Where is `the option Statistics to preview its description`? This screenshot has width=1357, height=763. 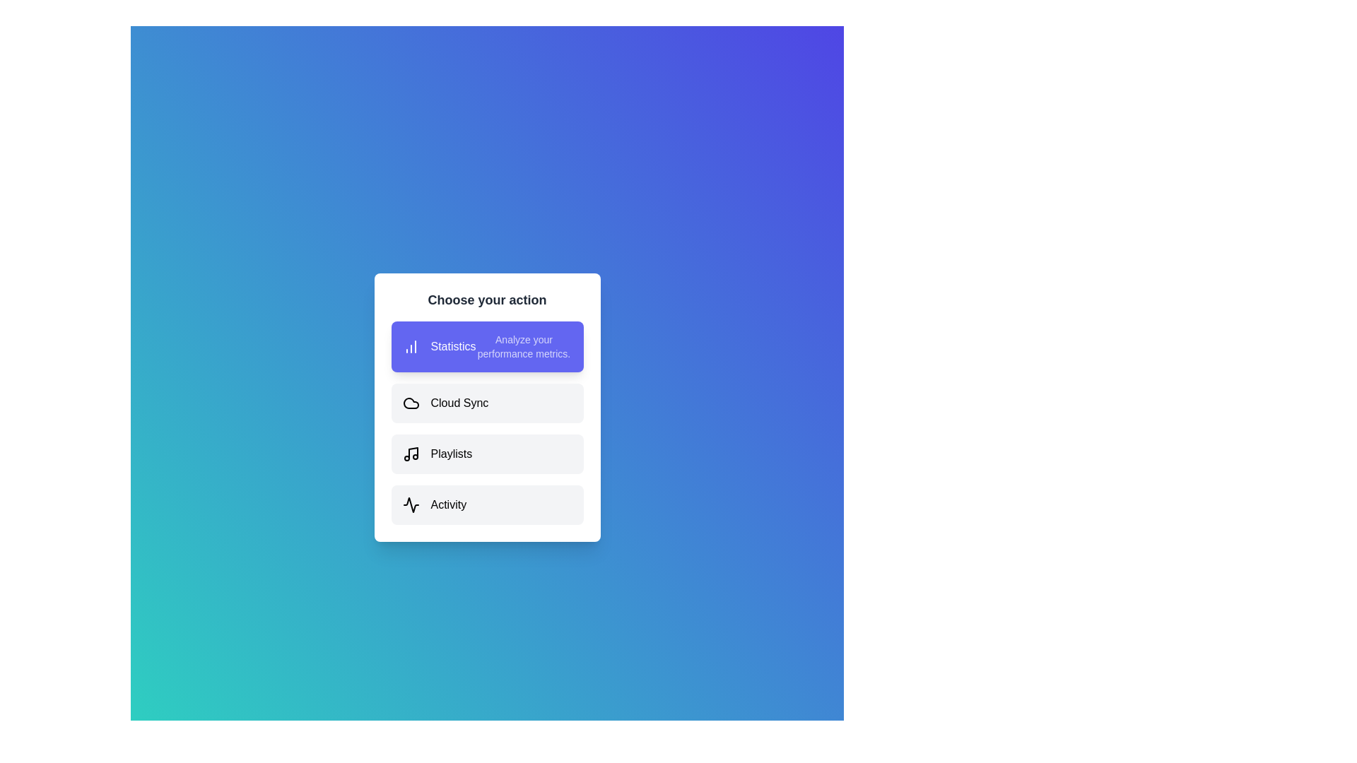 the option Statistics to preview its description is located at coordinates (487, 346).